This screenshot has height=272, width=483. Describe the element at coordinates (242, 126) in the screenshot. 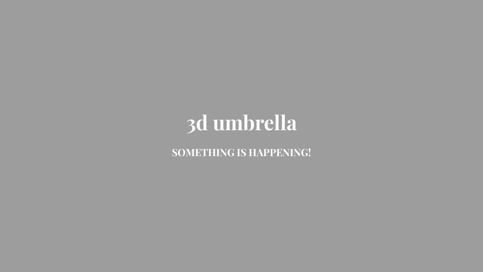

I see `'3d umbrella'` at that location.